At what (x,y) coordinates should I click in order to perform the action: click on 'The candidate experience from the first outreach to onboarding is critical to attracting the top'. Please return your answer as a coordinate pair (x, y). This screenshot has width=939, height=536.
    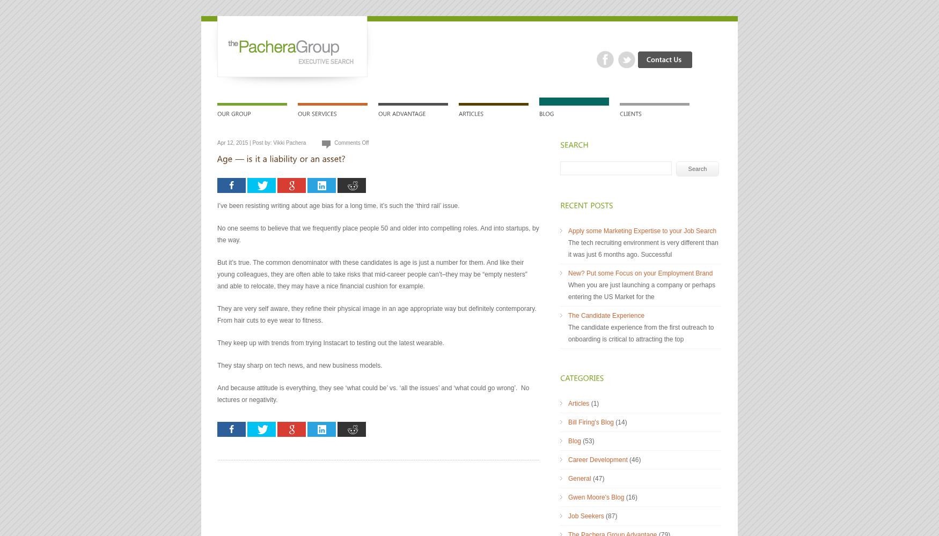
    Looking at the image, I should click on (641, 333).